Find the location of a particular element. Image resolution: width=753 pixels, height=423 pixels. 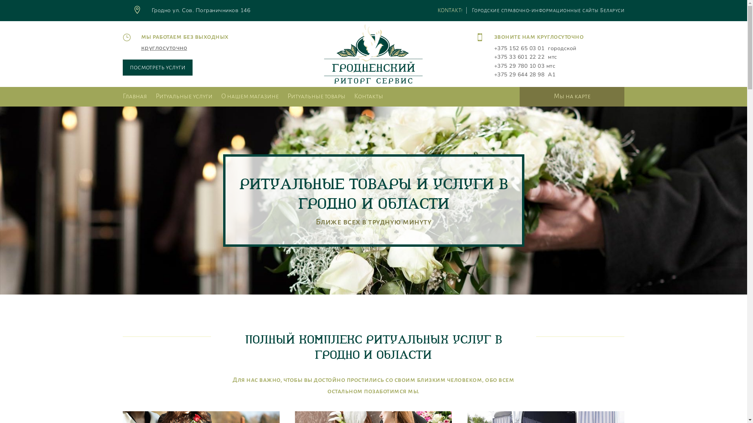

'+375 29 780 10 03' is located at coordinates (519, 65).